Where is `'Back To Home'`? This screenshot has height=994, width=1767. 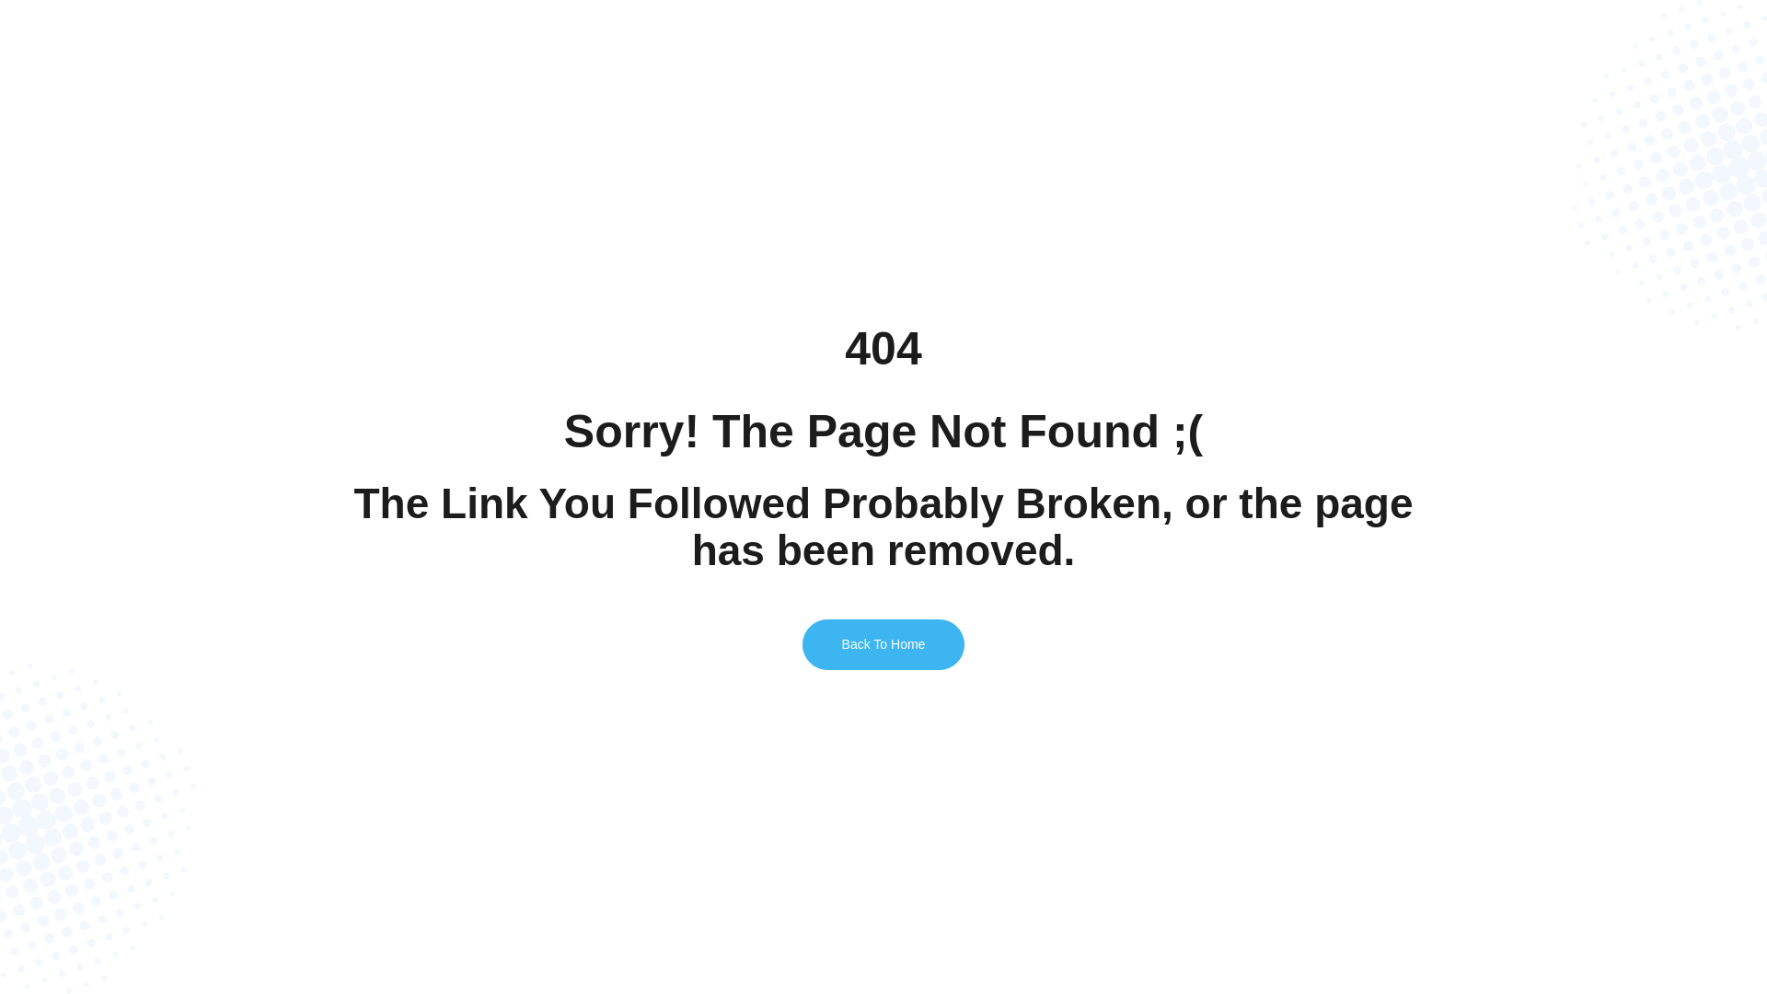
'Back To Home' is located at coordinates (803, 643).